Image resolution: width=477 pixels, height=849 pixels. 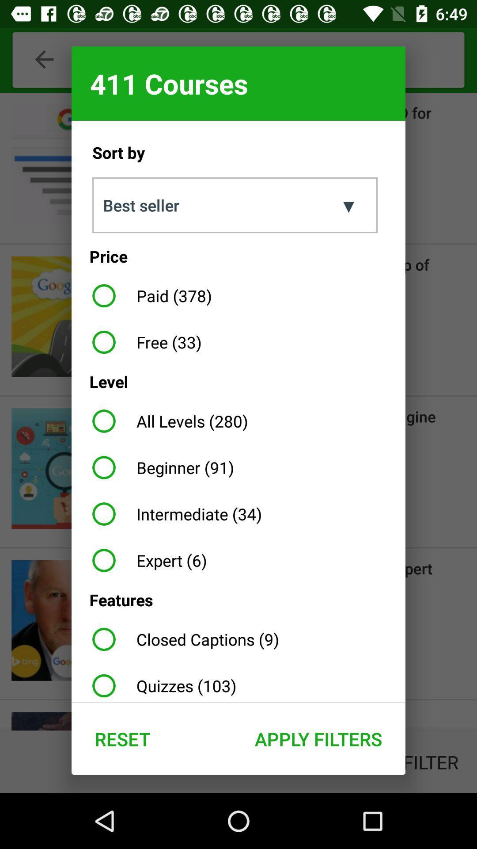 What do you see at coordinates (345, 205) in the screenshot?
I see `item to the right of the sort by item` at bounding box center [345, 205].